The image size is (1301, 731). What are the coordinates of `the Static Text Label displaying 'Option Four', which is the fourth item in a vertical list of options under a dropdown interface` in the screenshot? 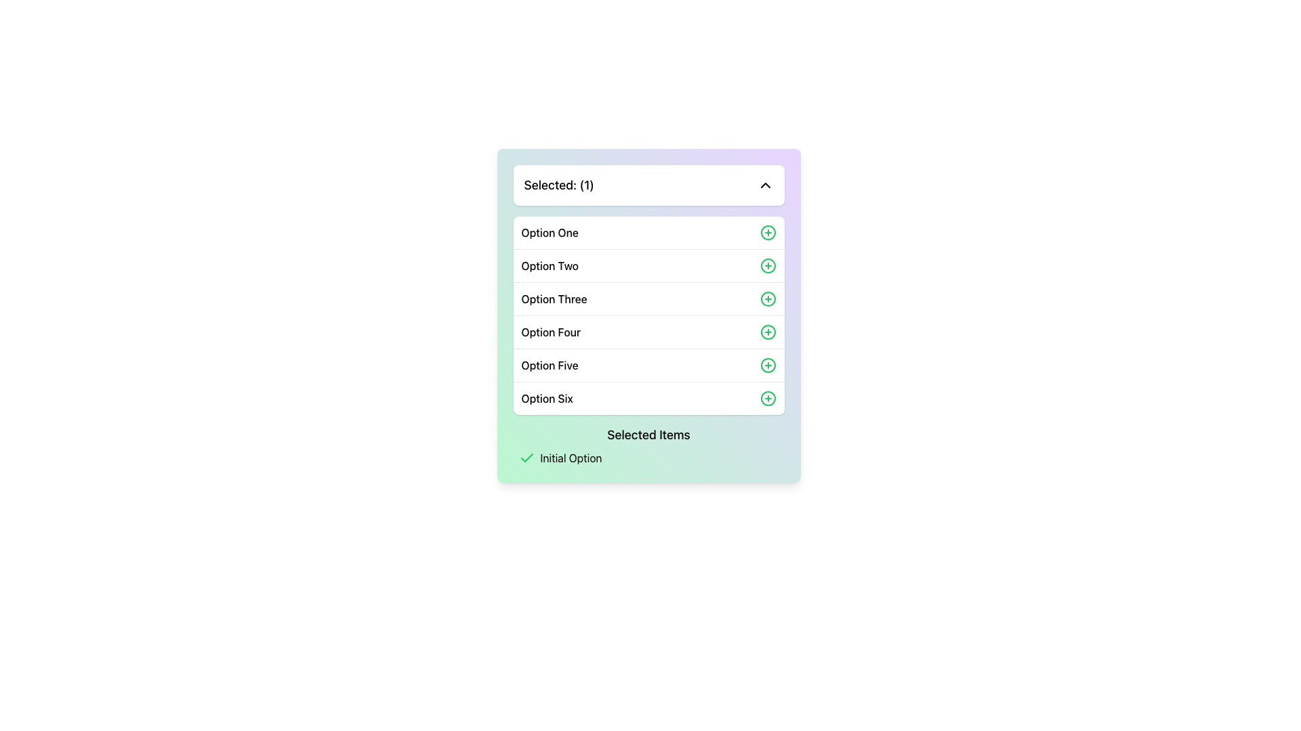 It's located at (551, 332).